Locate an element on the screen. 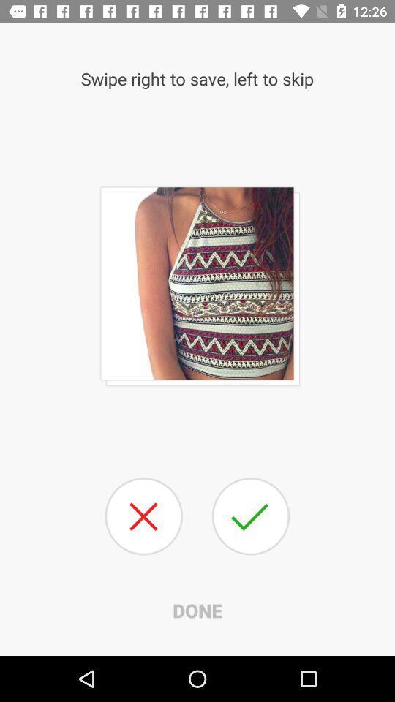 The height and width of the screenshot is (702, 395). save is located at coordinates (249, 516).